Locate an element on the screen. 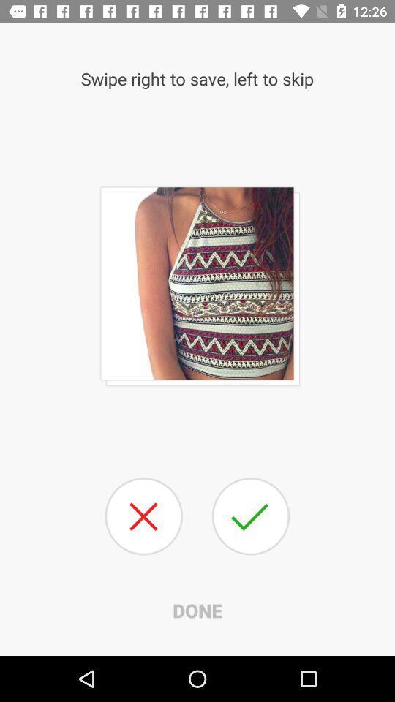 The height and width of the screenshot is (702, 395). save is located at coordinates (249, 516).